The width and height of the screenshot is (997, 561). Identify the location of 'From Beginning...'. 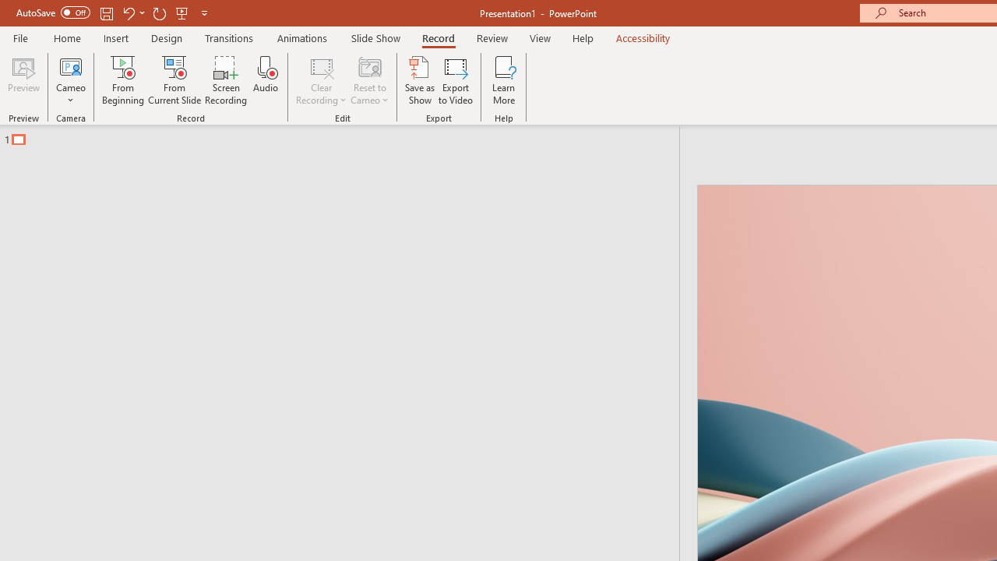
(122, 80).